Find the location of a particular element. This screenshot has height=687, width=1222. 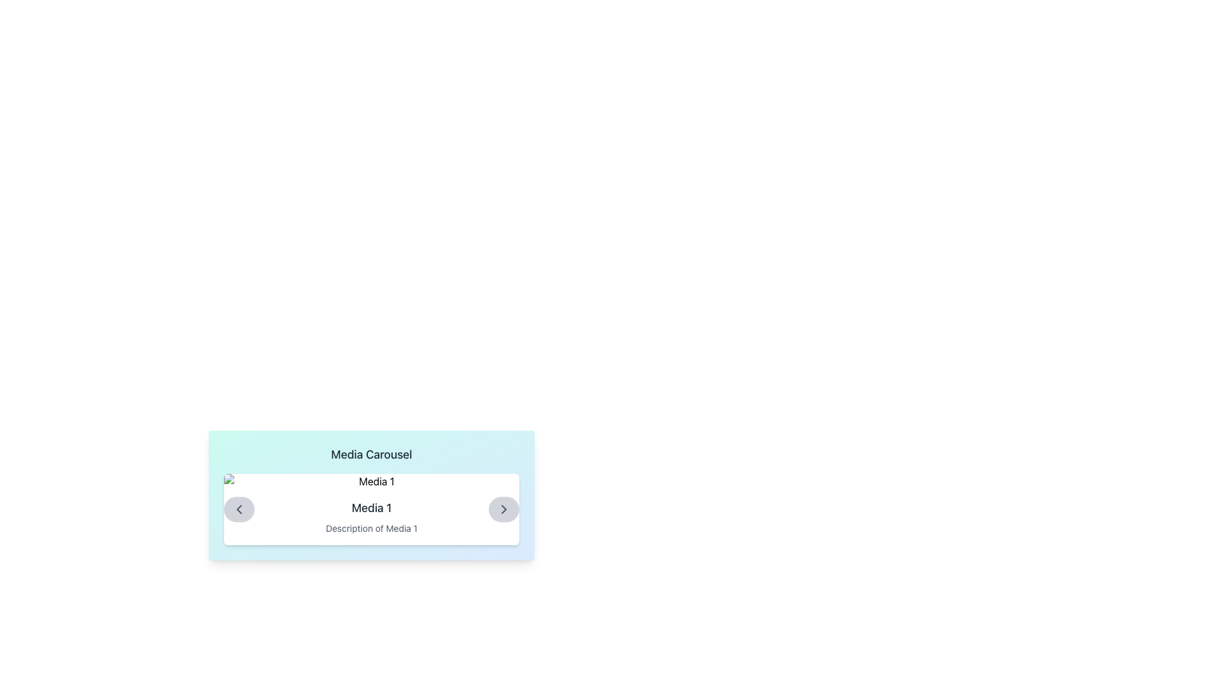

the static Text Label providing information about 'Media 1', located below the 'Media 1' title in the media carousel interface is located at coordinates (371, 528).